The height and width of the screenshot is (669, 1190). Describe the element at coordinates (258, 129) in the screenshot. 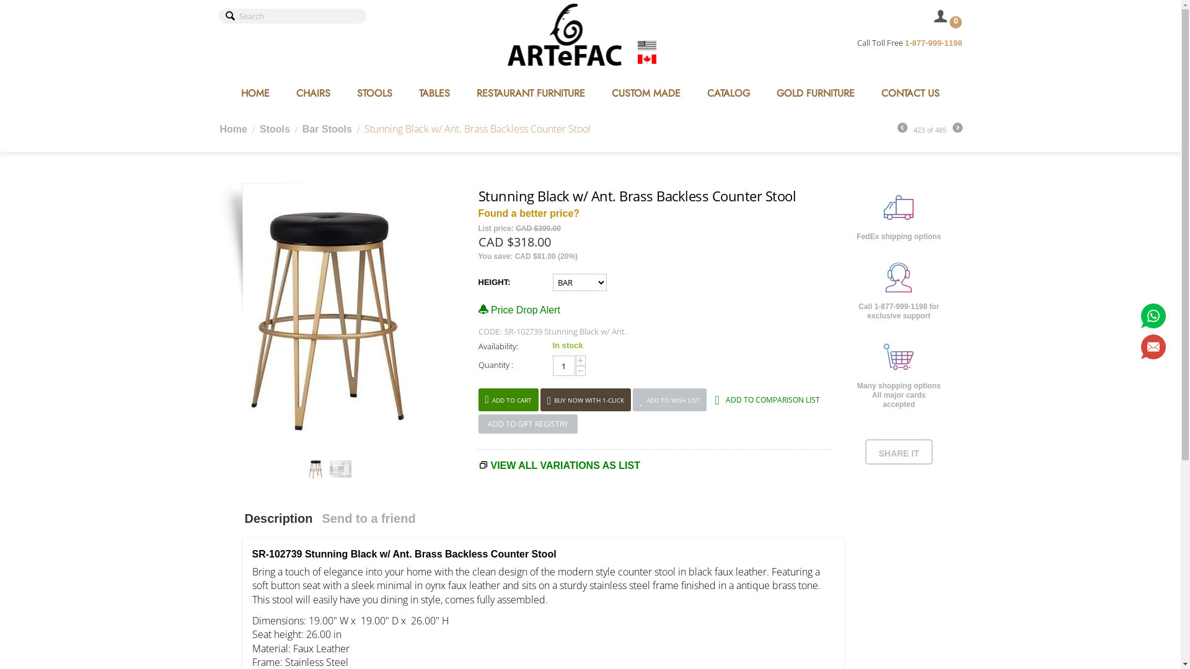

I see `'Stools'` at that location.